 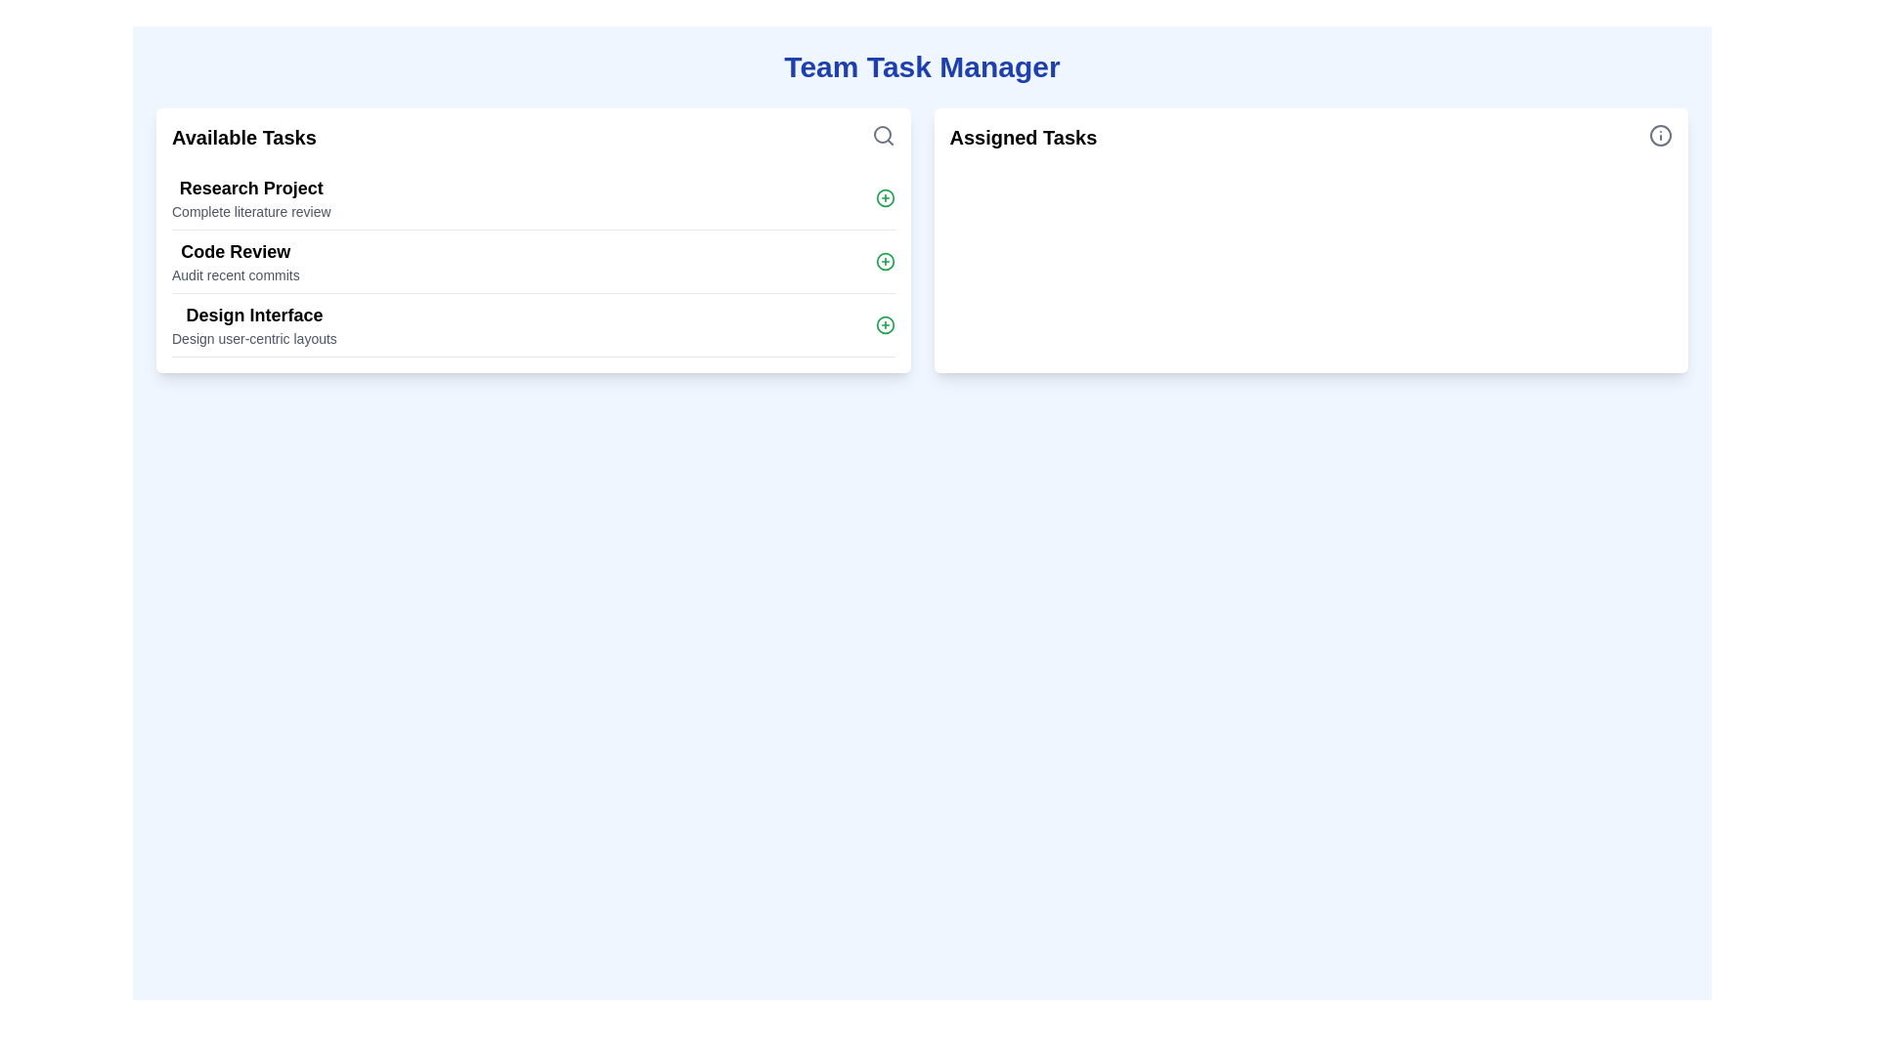 What do you see at coordinates (533, 198) in the screenshot?
I see `the first list item titled 'Research Project' with the subtext 'Complete literature review' in the 'Available Tasks' section` at bounding box center [533, 198].